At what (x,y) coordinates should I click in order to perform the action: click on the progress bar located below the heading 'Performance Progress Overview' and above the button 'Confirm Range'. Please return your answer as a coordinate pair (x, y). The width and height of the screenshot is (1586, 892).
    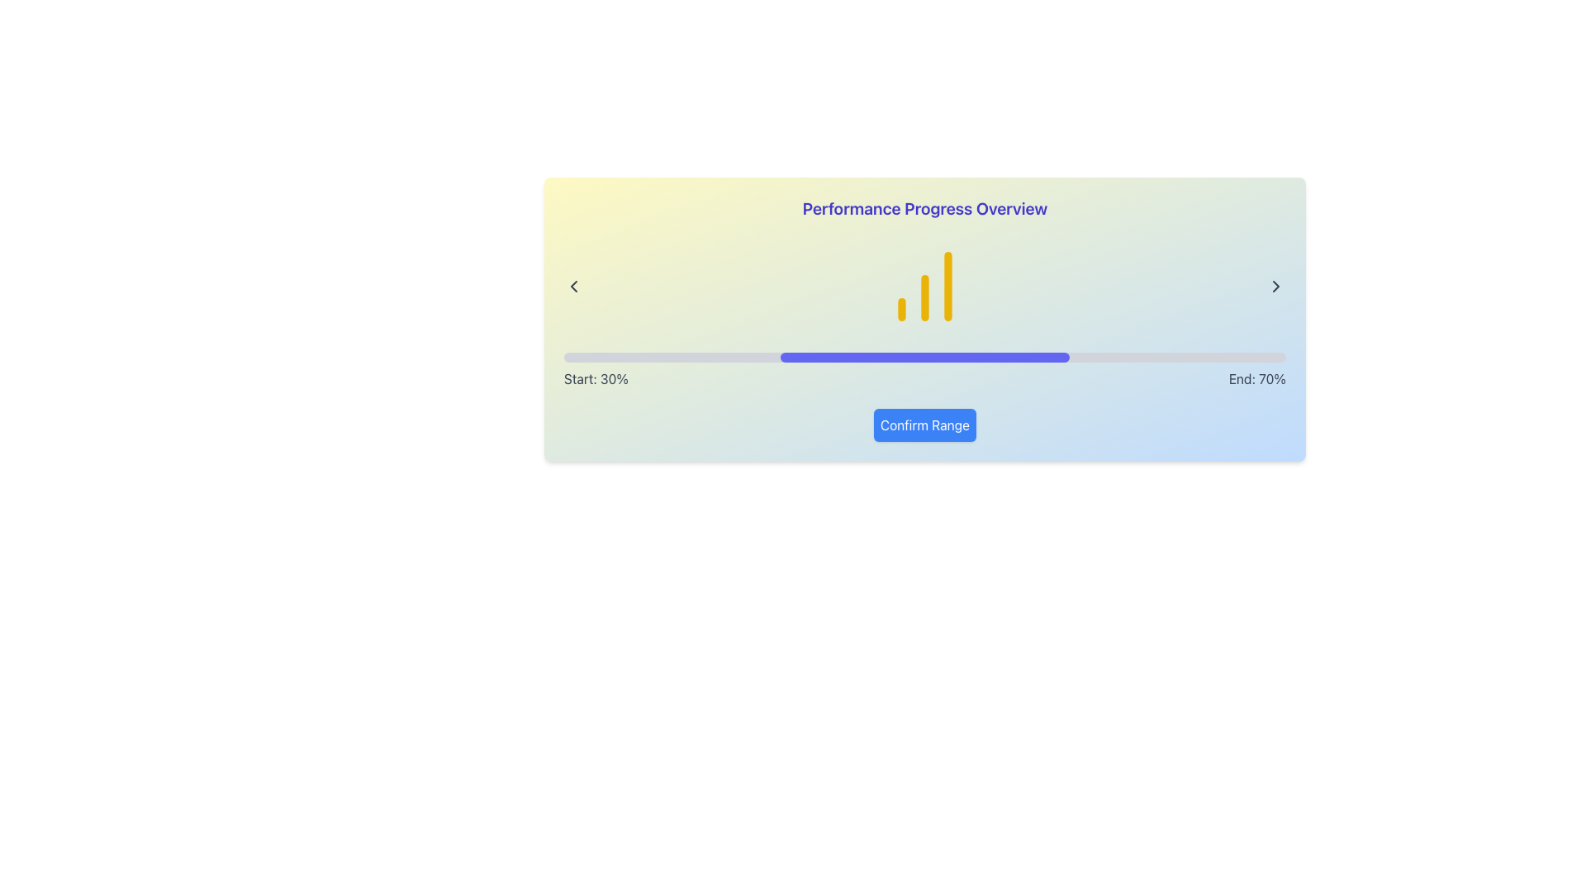
    Looking at the image, I should click on (924, 356).